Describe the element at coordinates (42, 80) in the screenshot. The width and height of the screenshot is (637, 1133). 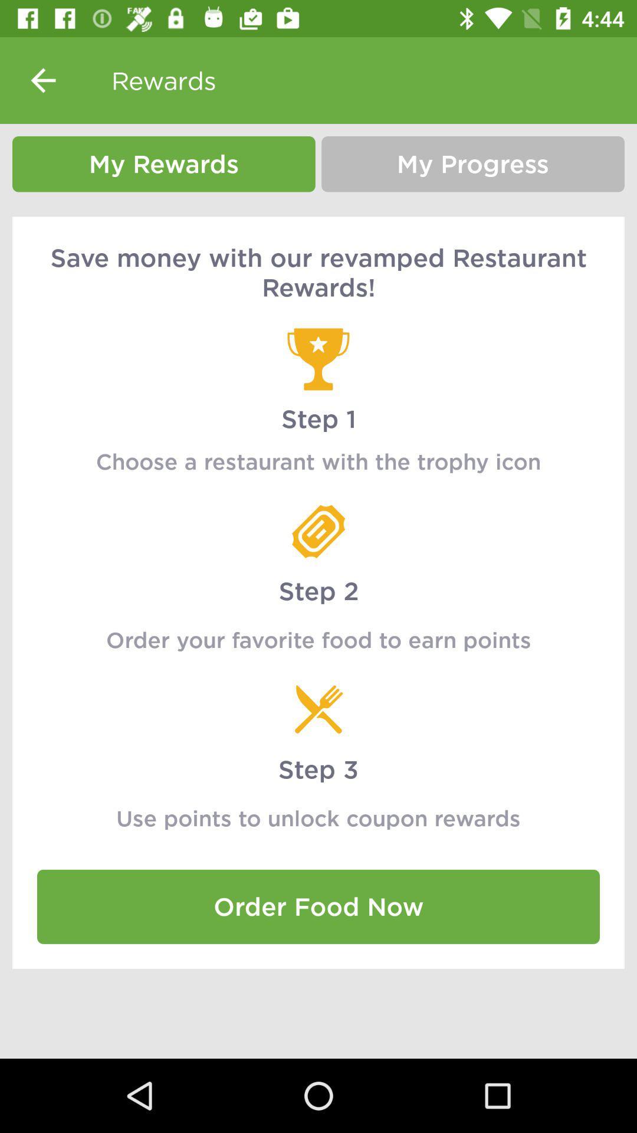
I see `the item above my rewards` at that location.